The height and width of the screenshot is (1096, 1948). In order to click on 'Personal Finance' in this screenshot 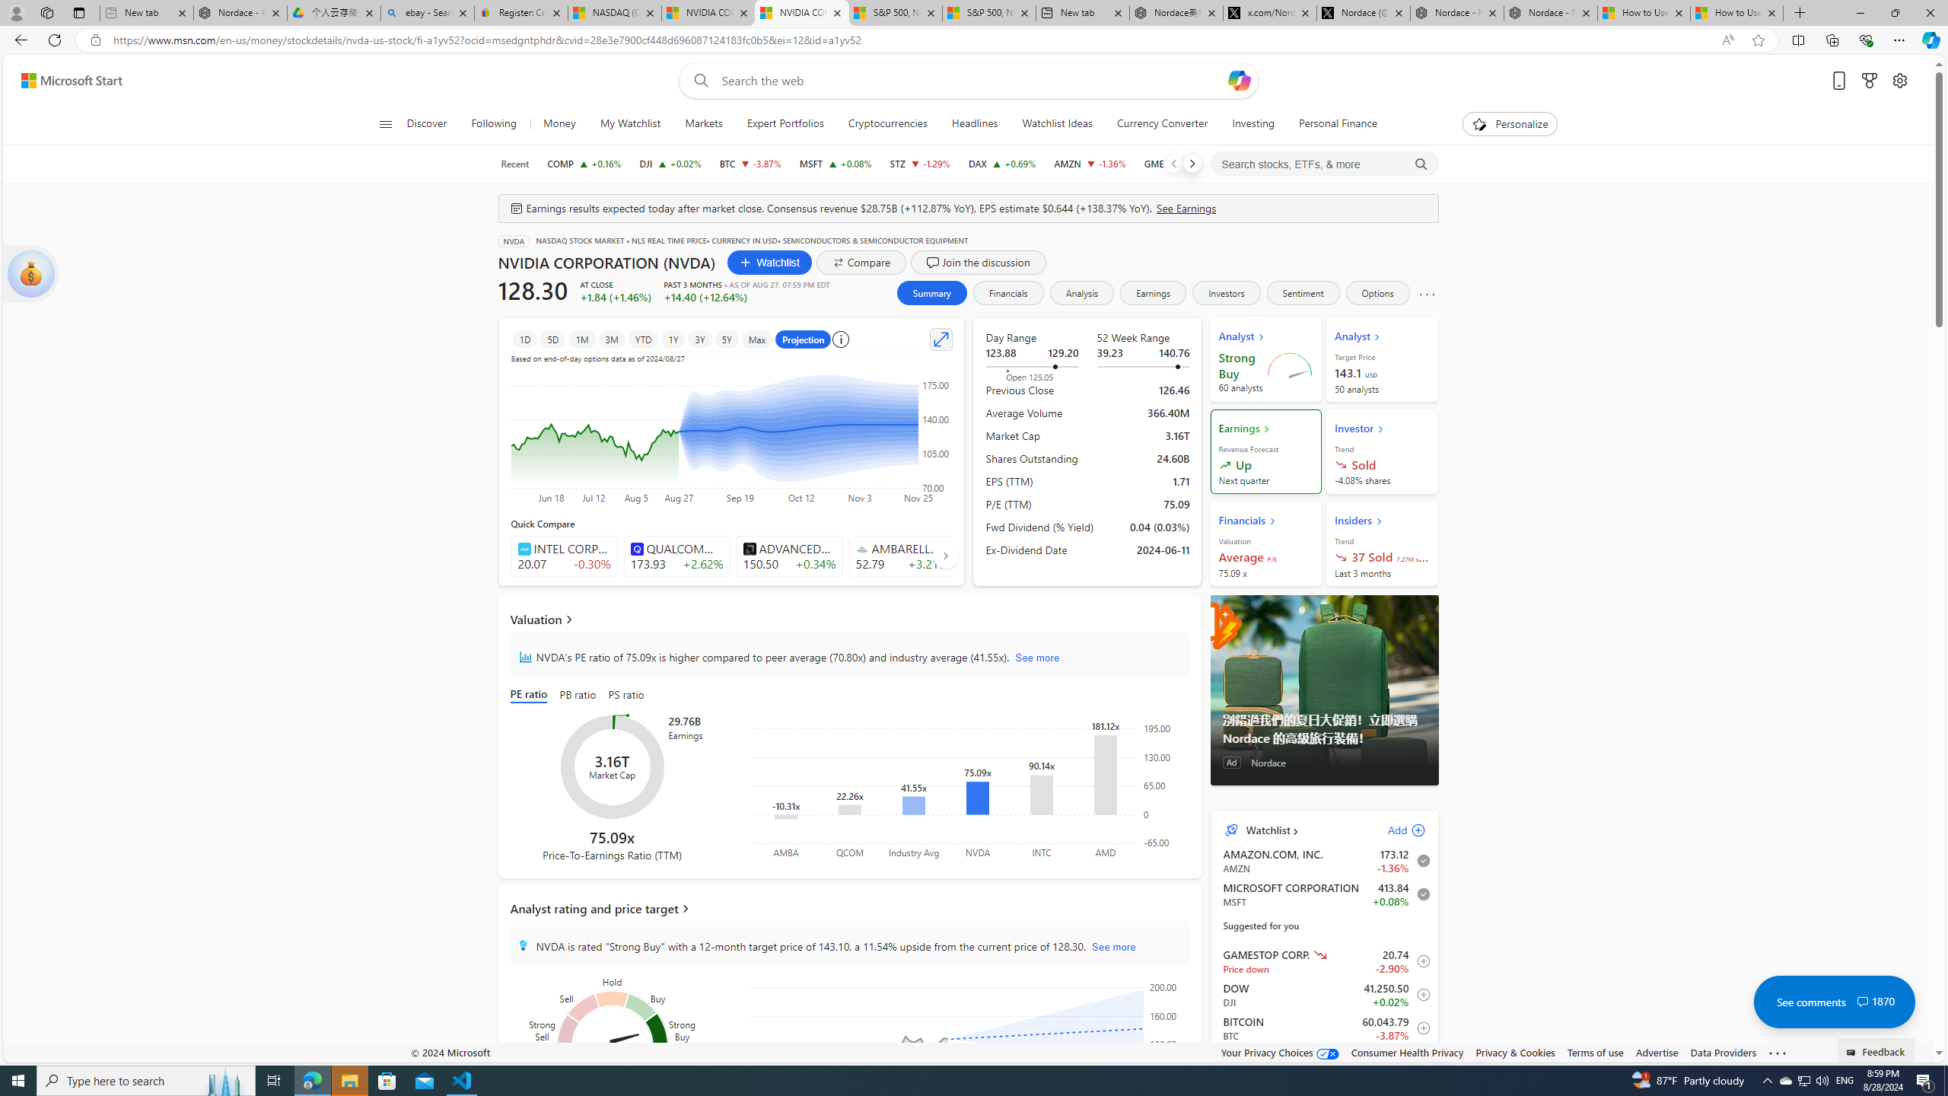, I will do `click(1337, 123)`.